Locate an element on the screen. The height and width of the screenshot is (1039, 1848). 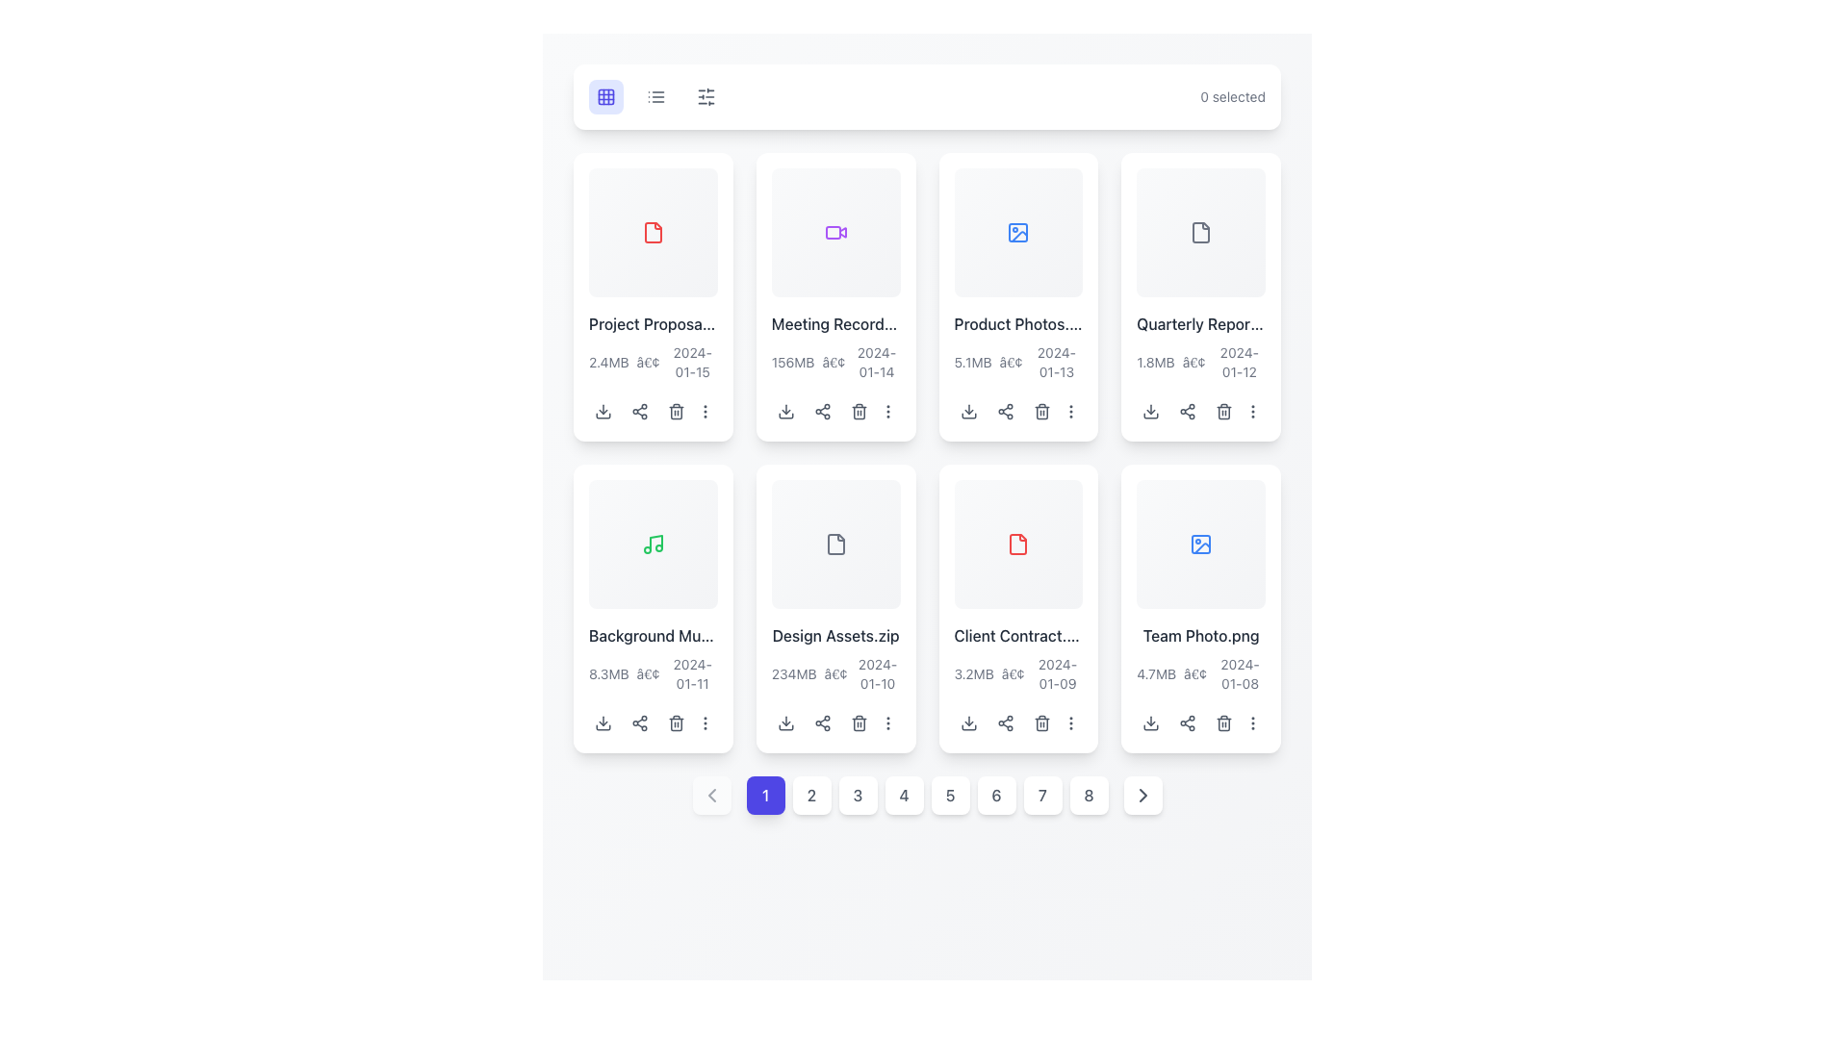
the download button with an icon located at the bottom-left corner of the card titled 'Project Proposal.pdf' to download the associated file is located at coordinates (603, 410).